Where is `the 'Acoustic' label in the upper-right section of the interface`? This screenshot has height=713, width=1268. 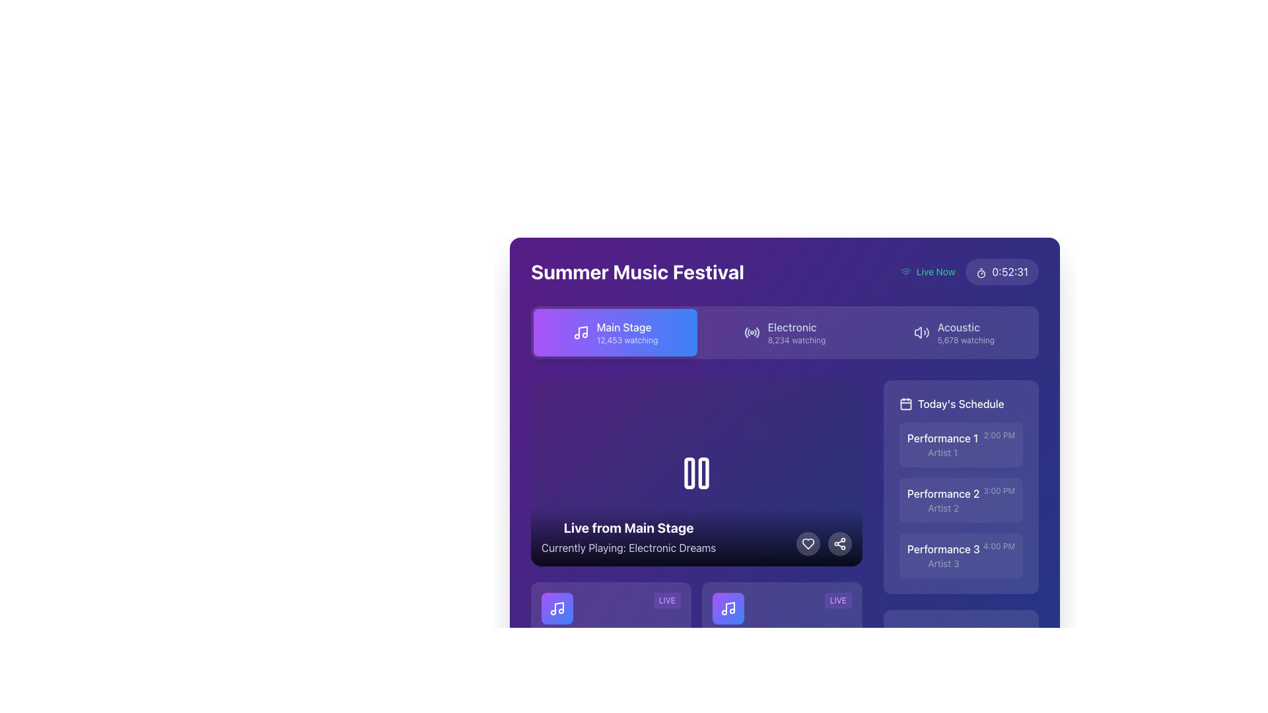
the 'Acoustic' label in the upper-right section of the interface is located at coordinates (966, 327).